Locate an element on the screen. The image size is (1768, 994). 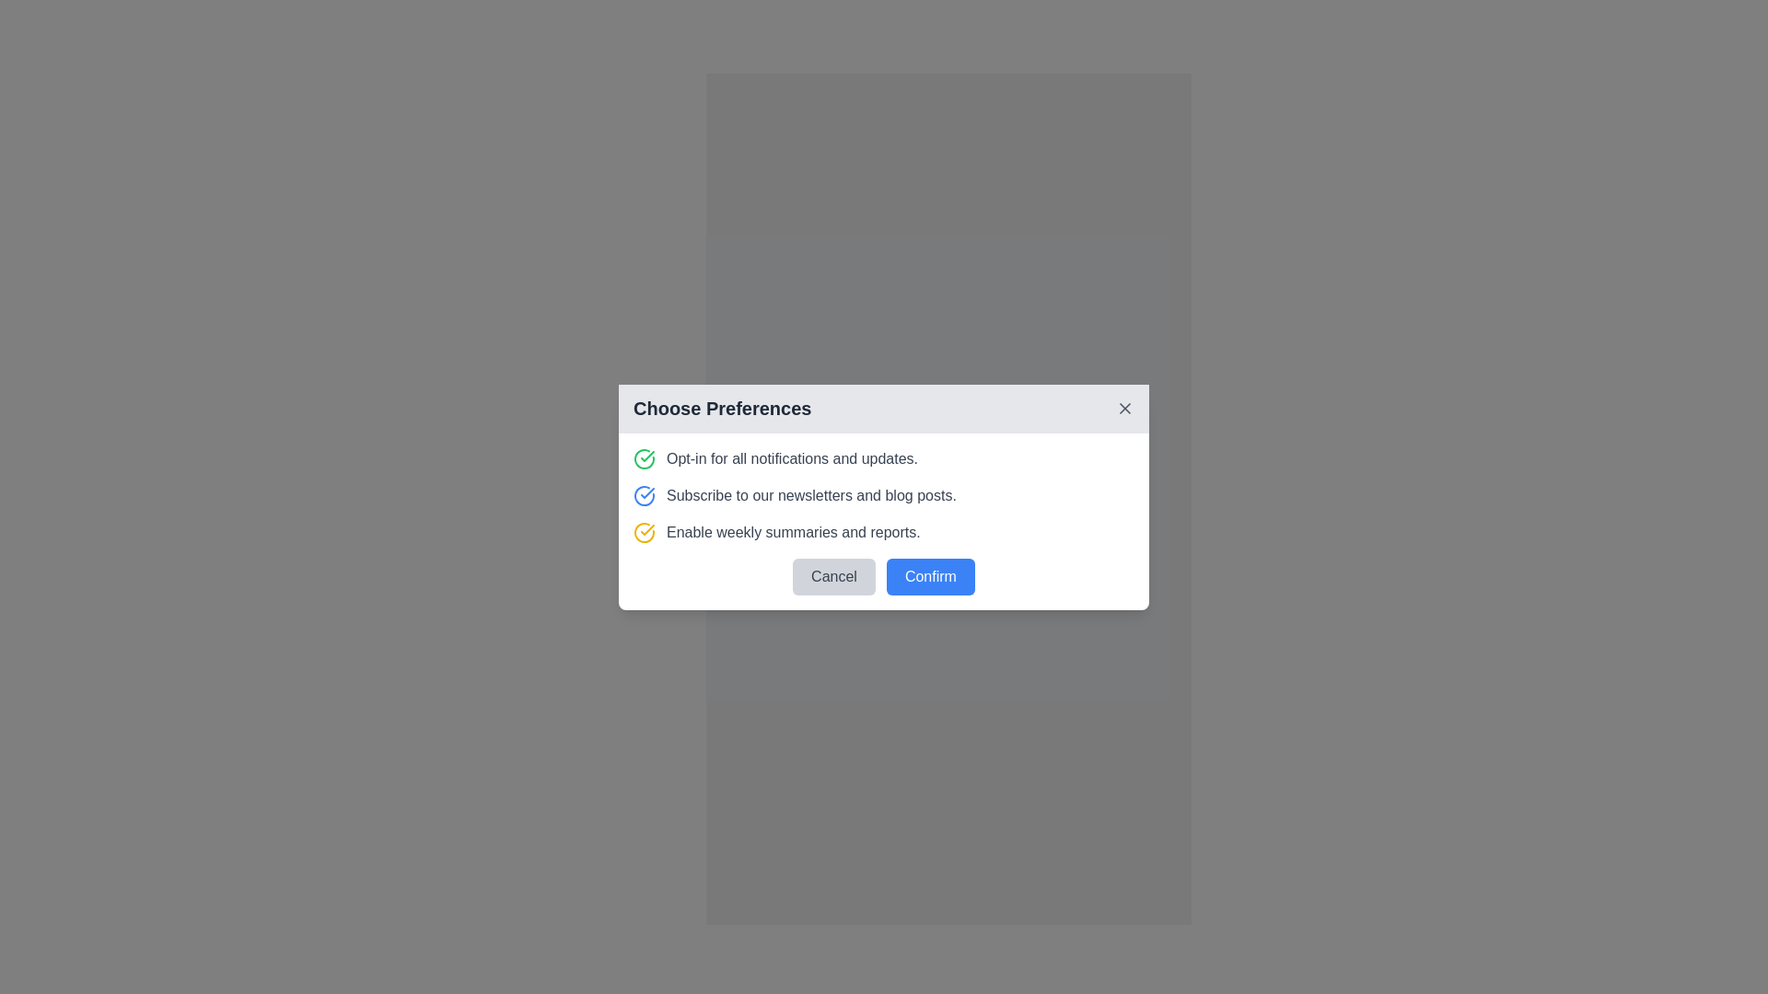
the cancel button located in the lower section of the pop-up modal is located at coordinates (833, 575).